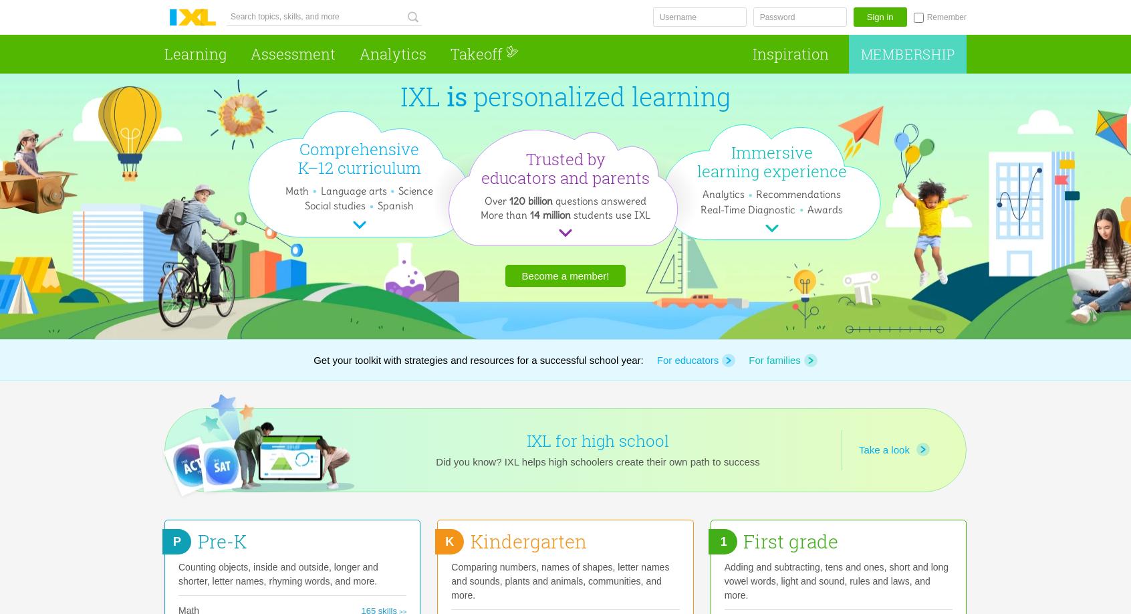 The image size is (1131, 614). What do you see at coordinates (221, 541) in the screenshot?
I see `'Pre-K'` at bounding box center [221, 541].